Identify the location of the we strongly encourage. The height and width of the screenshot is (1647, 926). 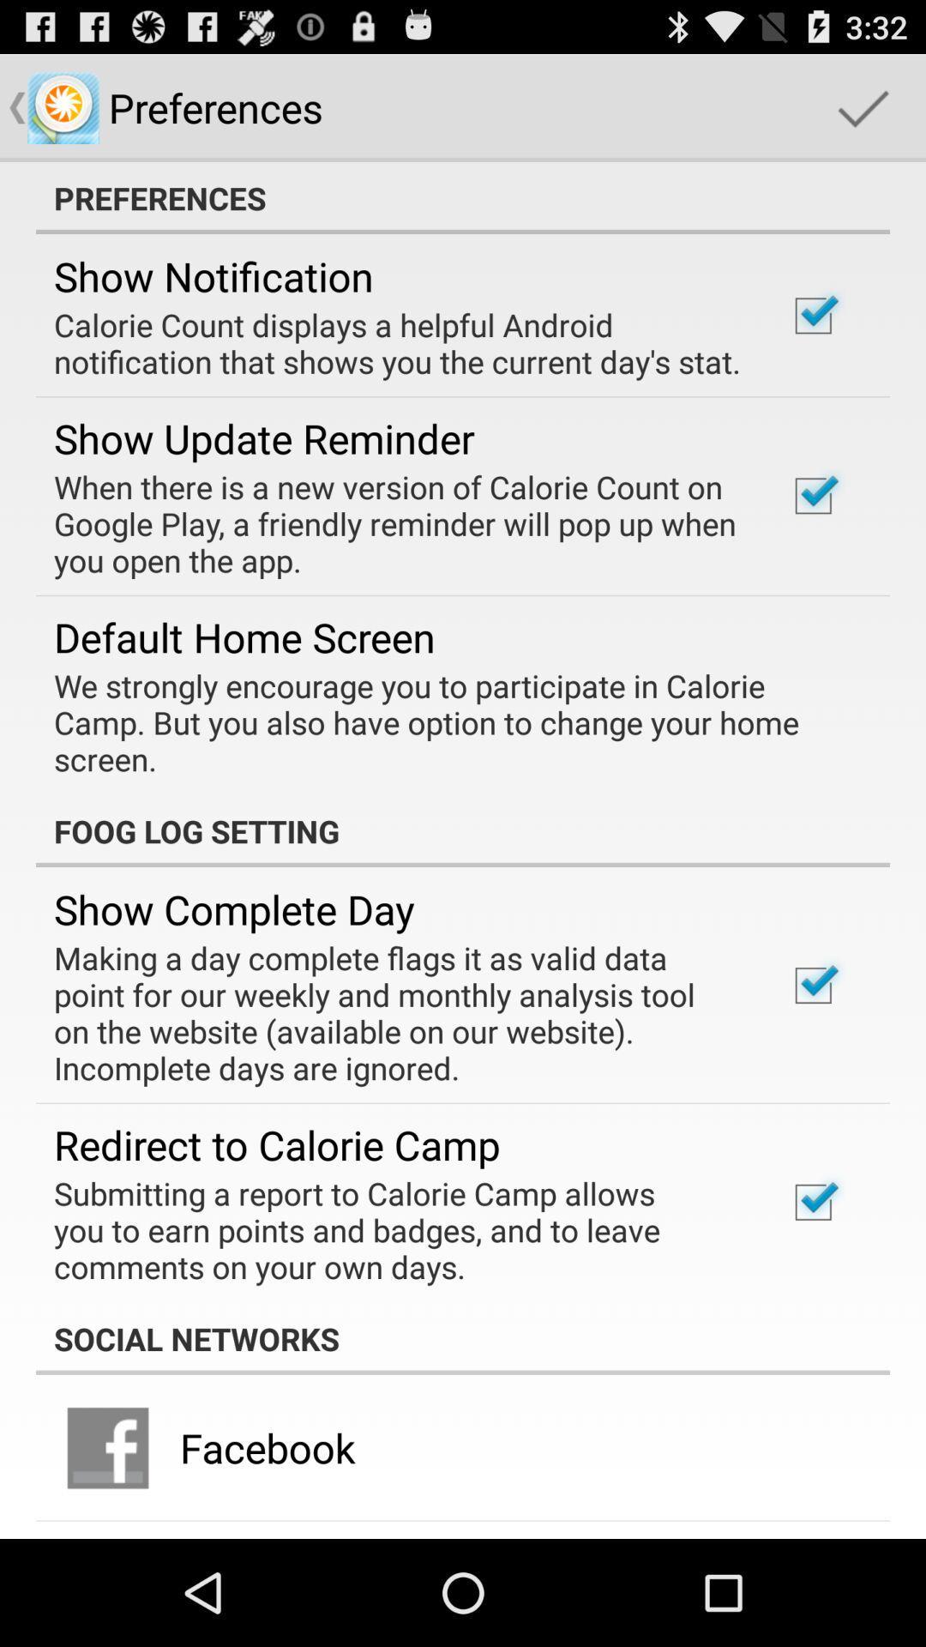
(450, 722).